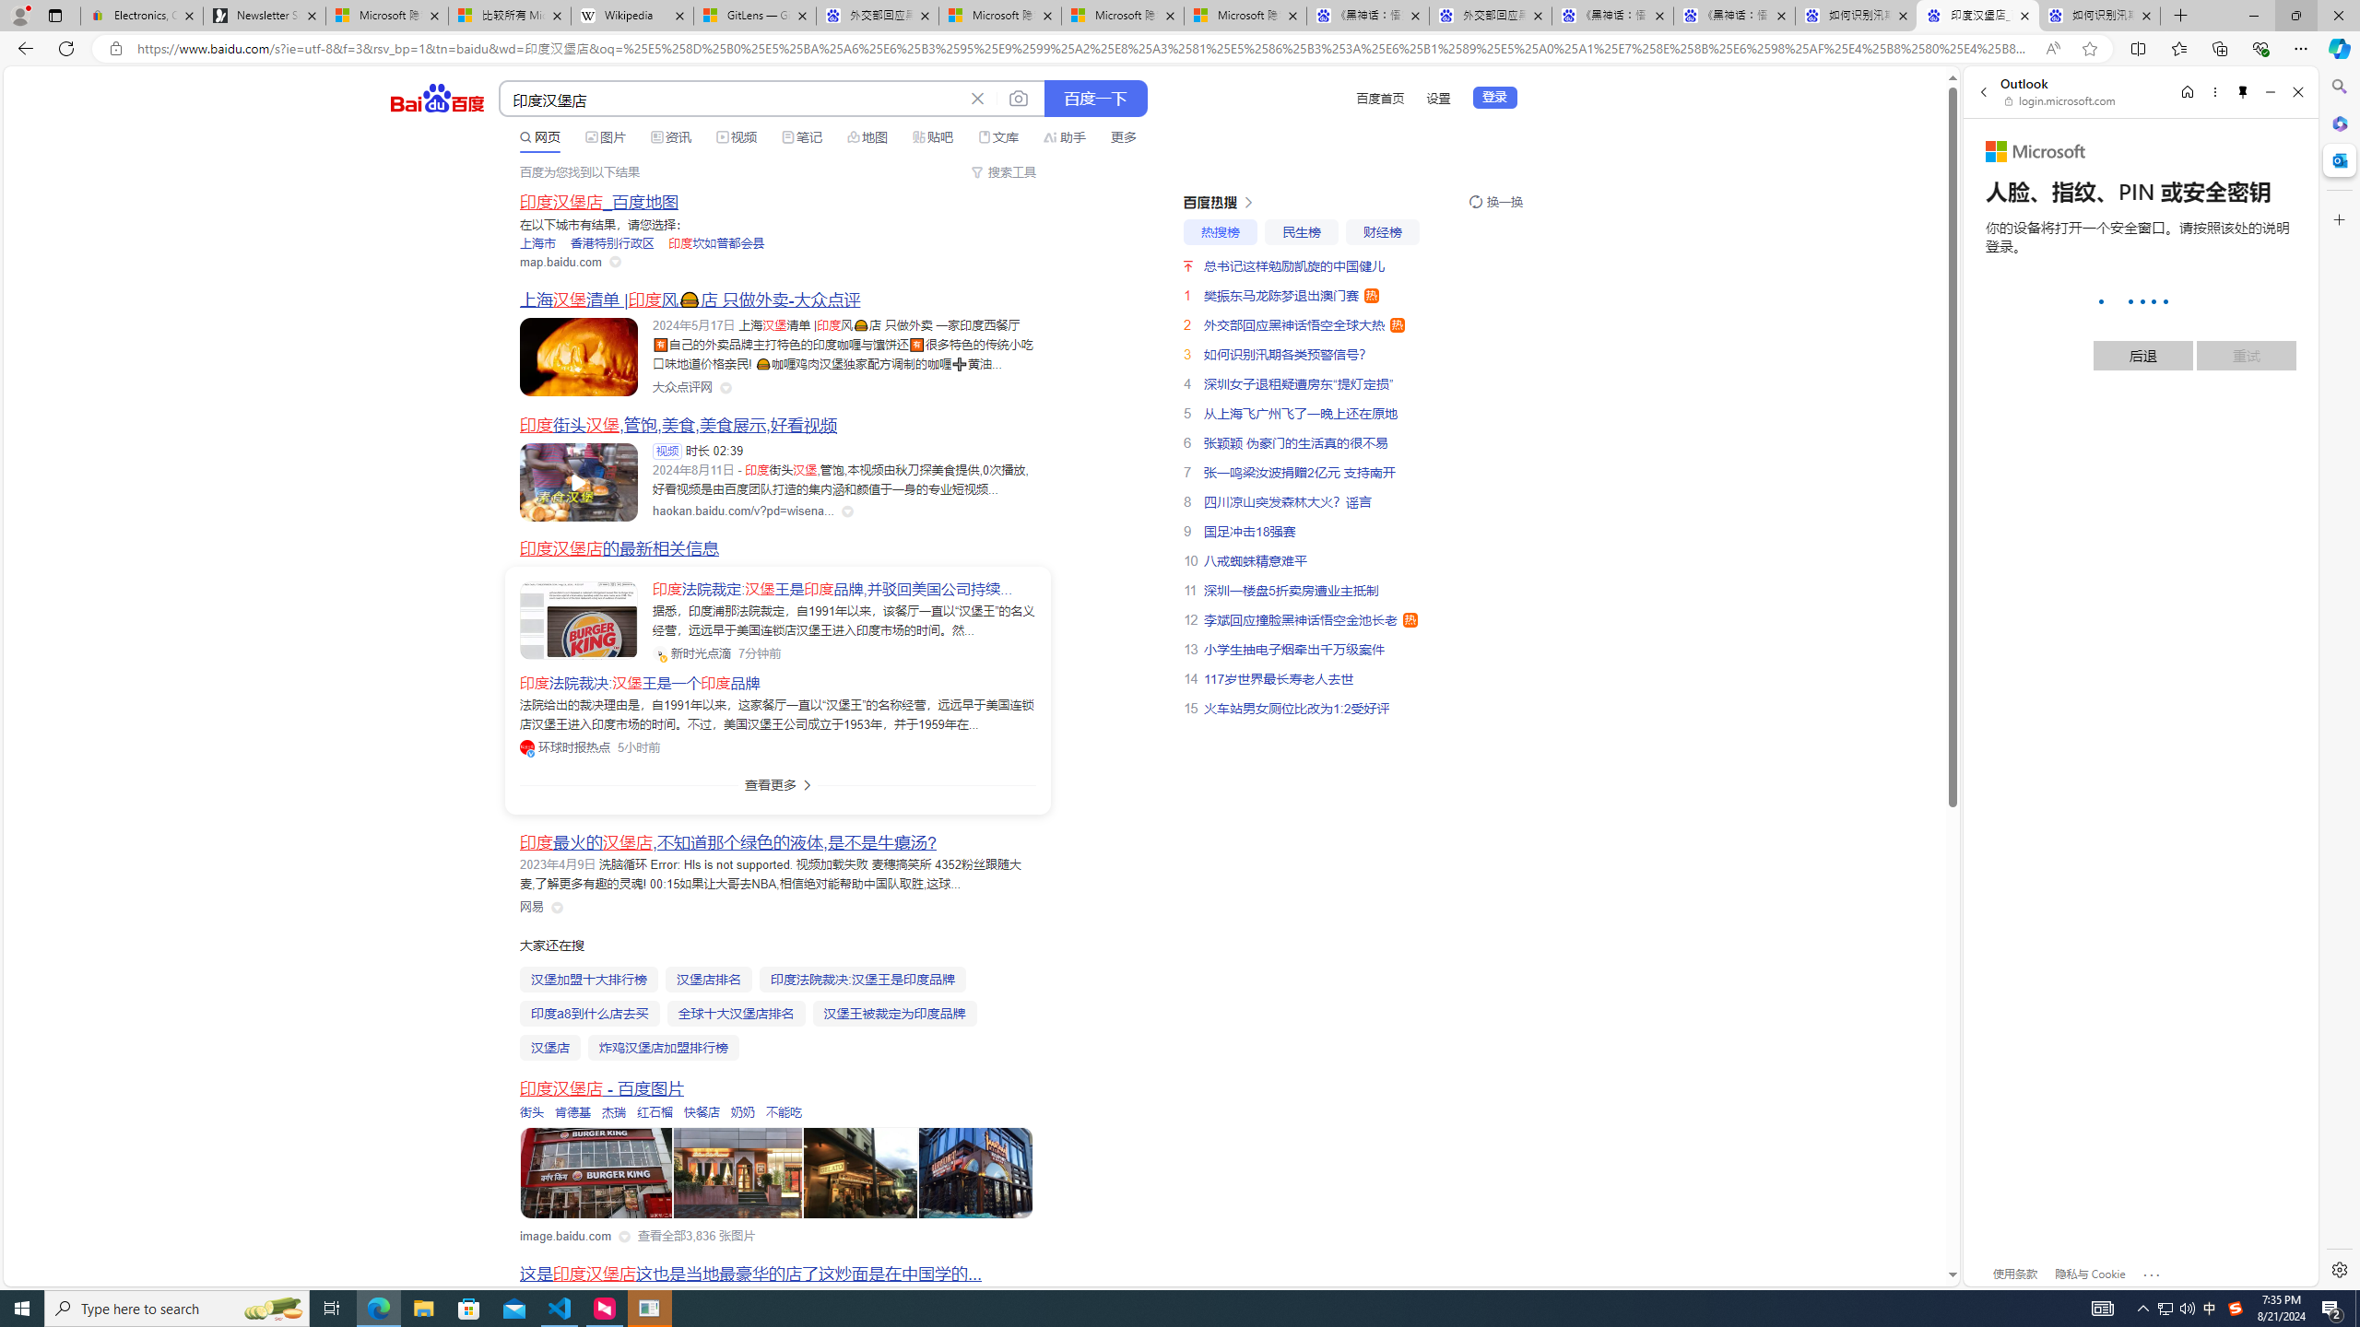 Image resolution: width=2360 pixels, height=1327 pixels. I want to click on 'Unpin side pane', so click(2243, 91).